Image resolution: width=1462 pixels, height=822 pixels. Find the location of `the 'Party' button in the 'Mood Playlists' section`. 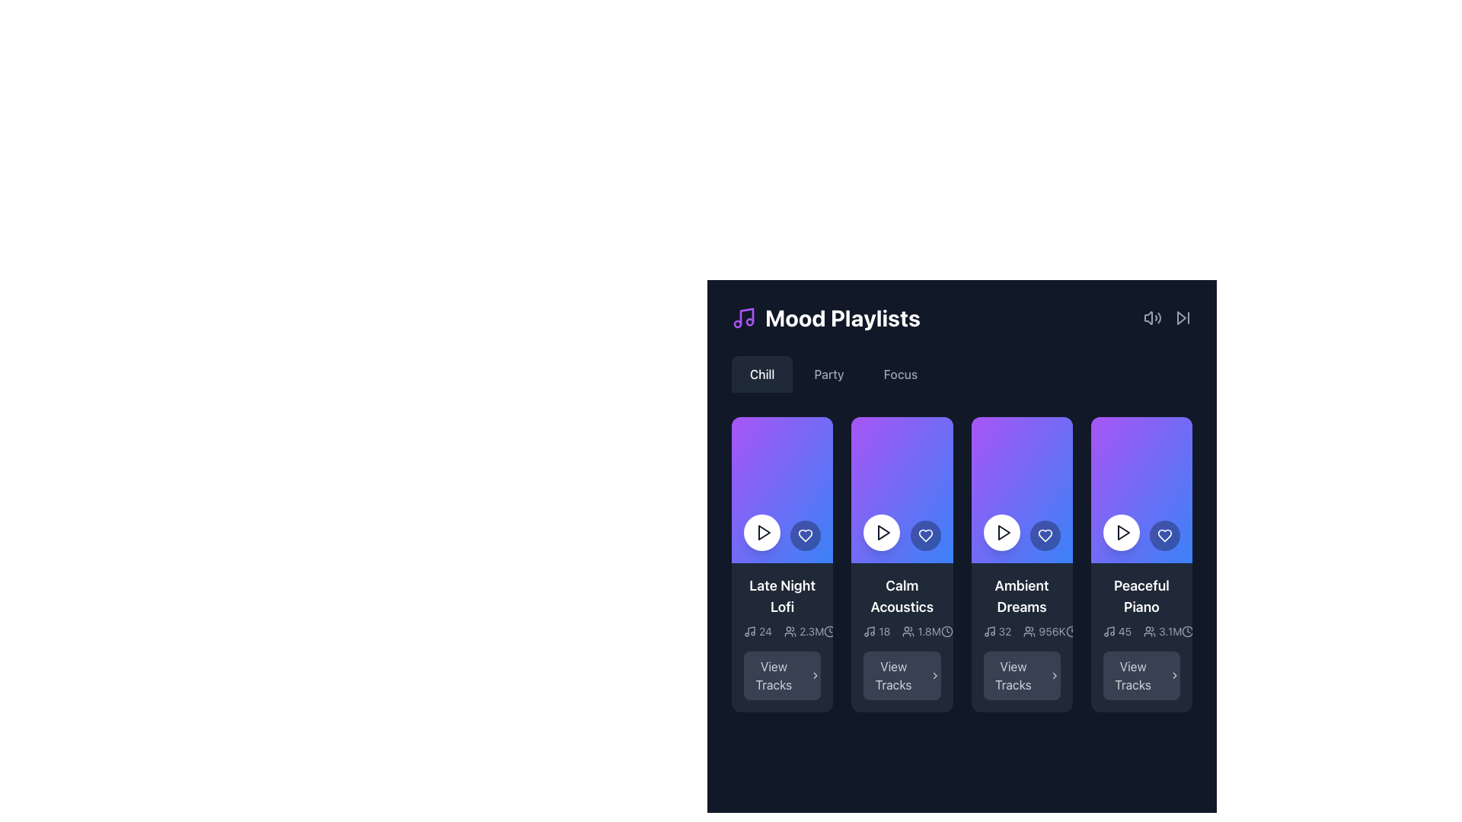

the 'Party' button in the 'Mood Playlists' section is located at coordinates (828, 374).